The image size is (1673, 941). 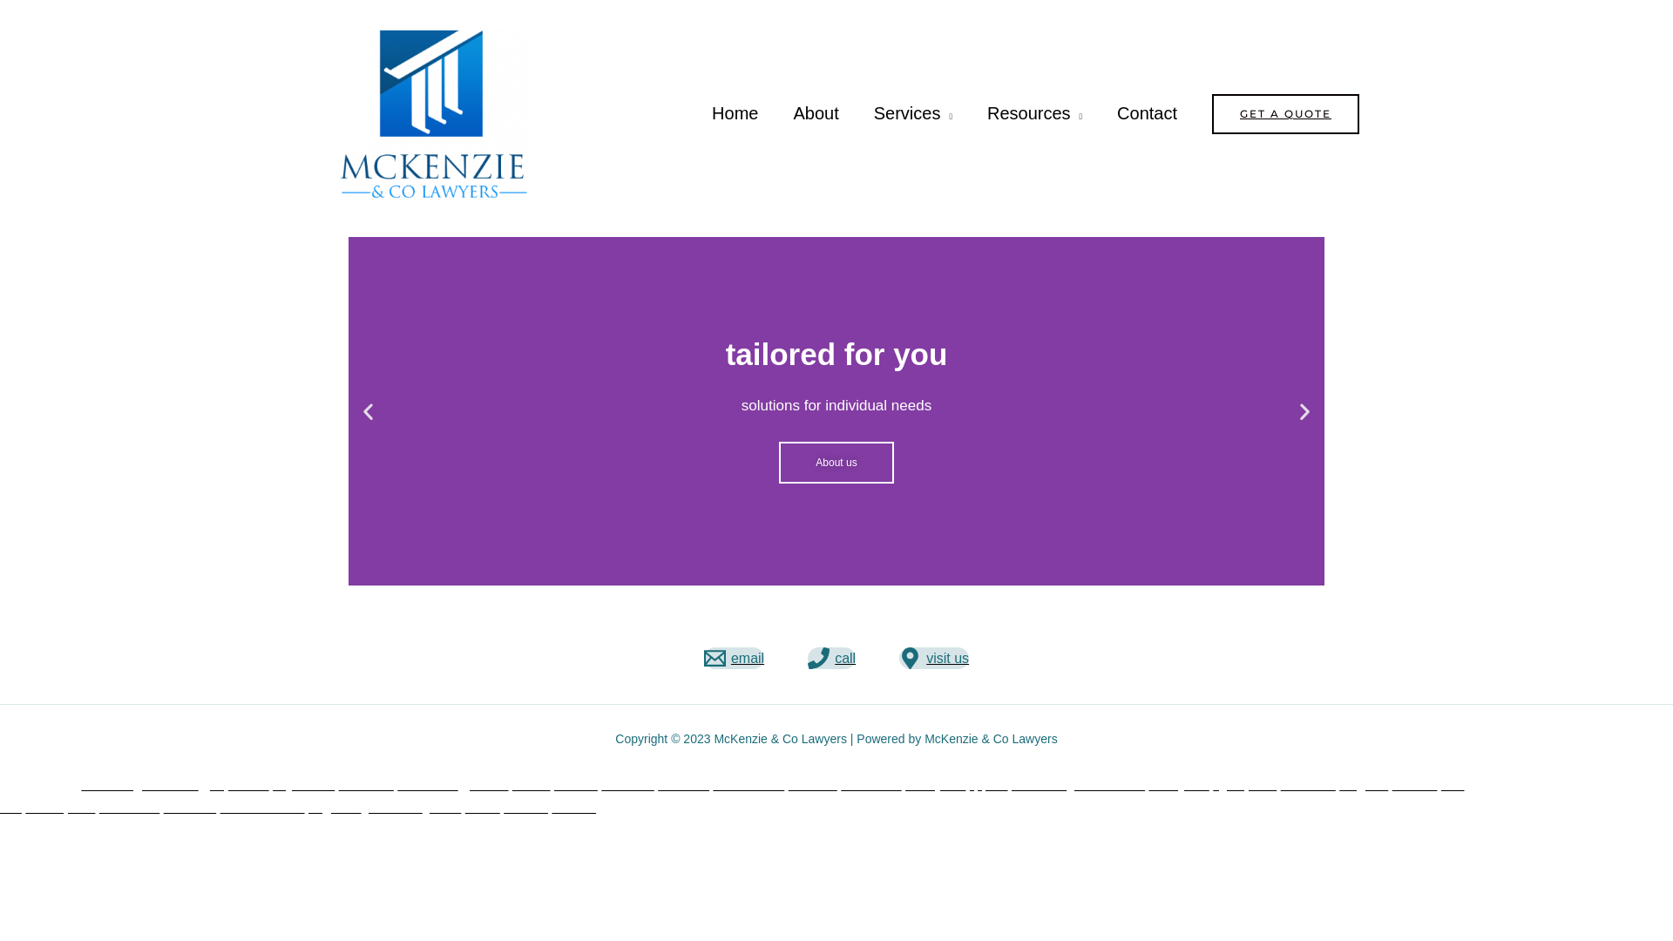 I want to click on 'Home', so click(x=735, y=113).